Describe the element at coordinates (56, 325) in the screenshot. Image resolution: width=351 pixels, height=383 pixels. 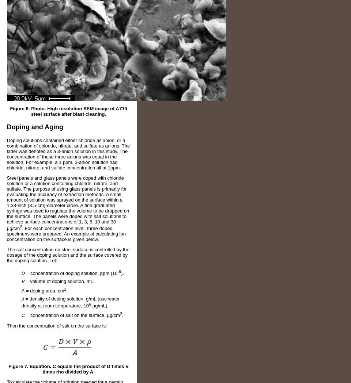
I see `'Then the concentration of salt on the surface is:'` at that location.